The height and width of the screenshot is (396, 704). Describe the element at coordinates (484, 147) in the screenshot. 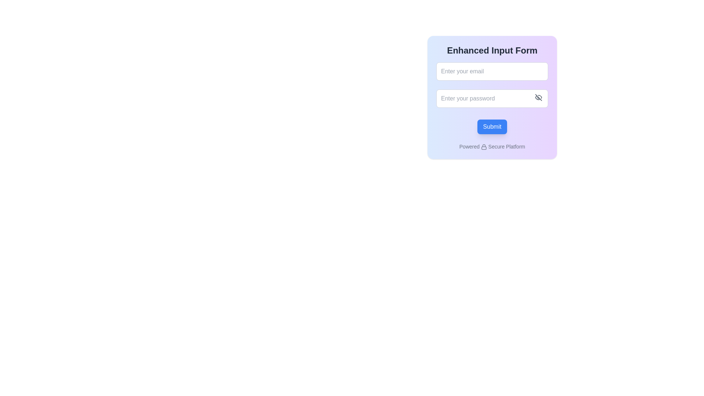

I see `the Decorative Icon indicating security, located to the left of the 'Secure Platform' text in the footer area of the card interface` at that location.